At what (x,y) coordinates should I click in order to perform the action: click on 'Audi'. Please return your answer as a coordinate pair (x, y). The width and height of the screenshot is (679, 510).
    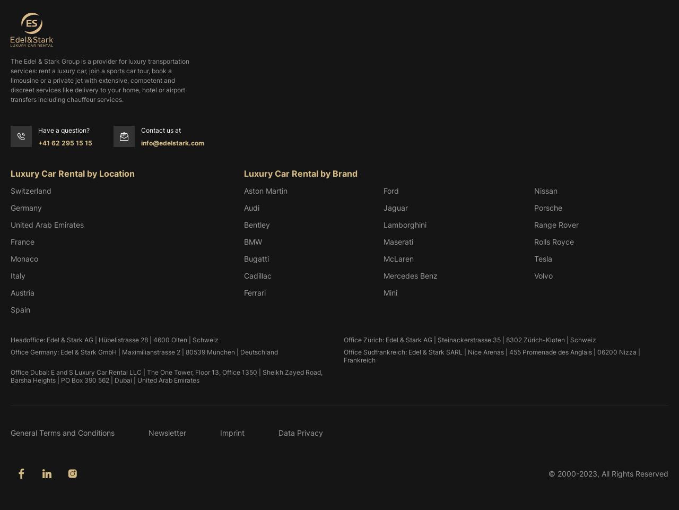
    Looking at the image, I should click on (243, 207).